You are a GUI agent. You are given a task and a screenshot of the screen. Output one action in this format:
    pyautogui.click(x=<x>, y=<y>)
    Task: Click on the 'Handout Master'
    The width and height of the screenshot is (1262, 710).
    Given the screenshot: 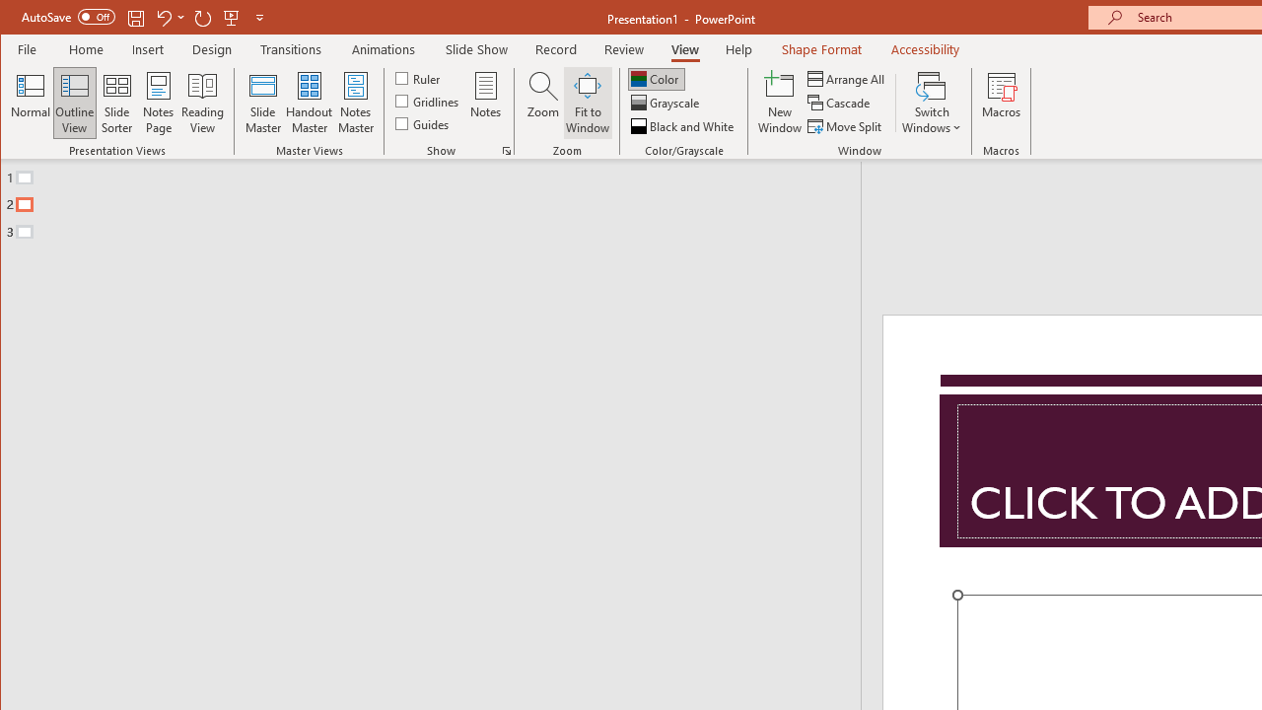 What is the action you would take?
    pyautogui.click(x=309, y=103)
    